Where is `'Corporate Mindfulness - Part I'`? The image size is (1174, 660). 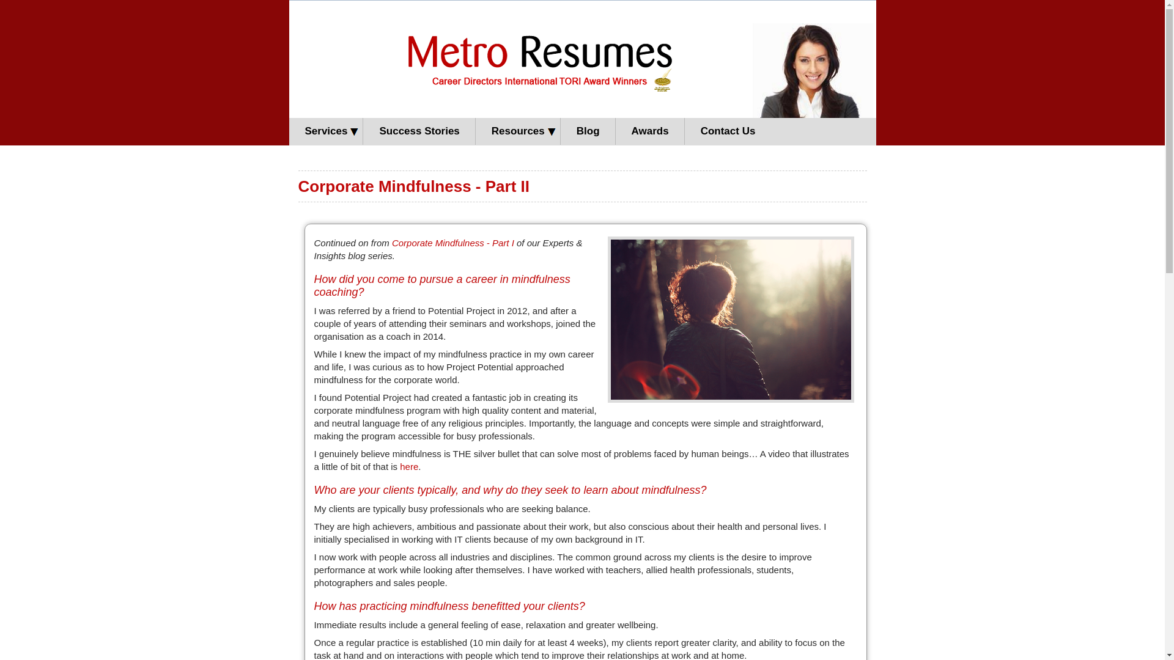
'Corporate Mindfulness - Part I' is located at coordinates (452, 243).